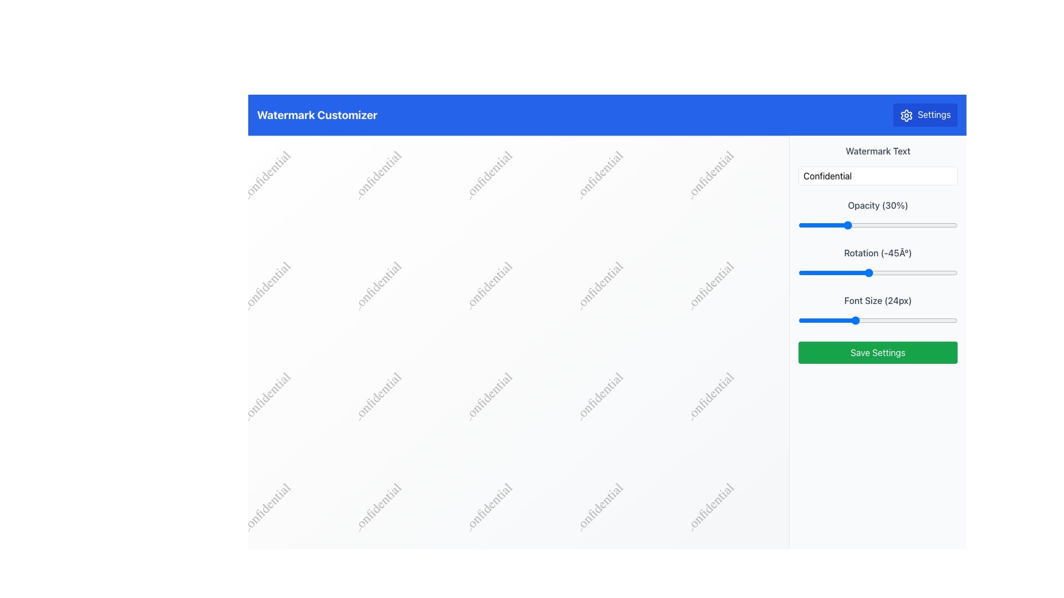 Image resolution: width=1064 pixels, height=598 pixels. Describe the element at coordinates (877, 311) in the screenshot. I see `the labeled slider control for 'Font Size (24px)'` at that location.